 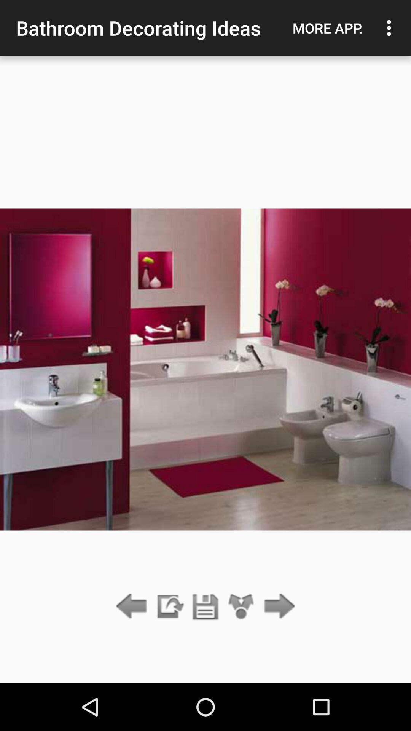 I want to click on the launch icon, so click(x=169, y=607).